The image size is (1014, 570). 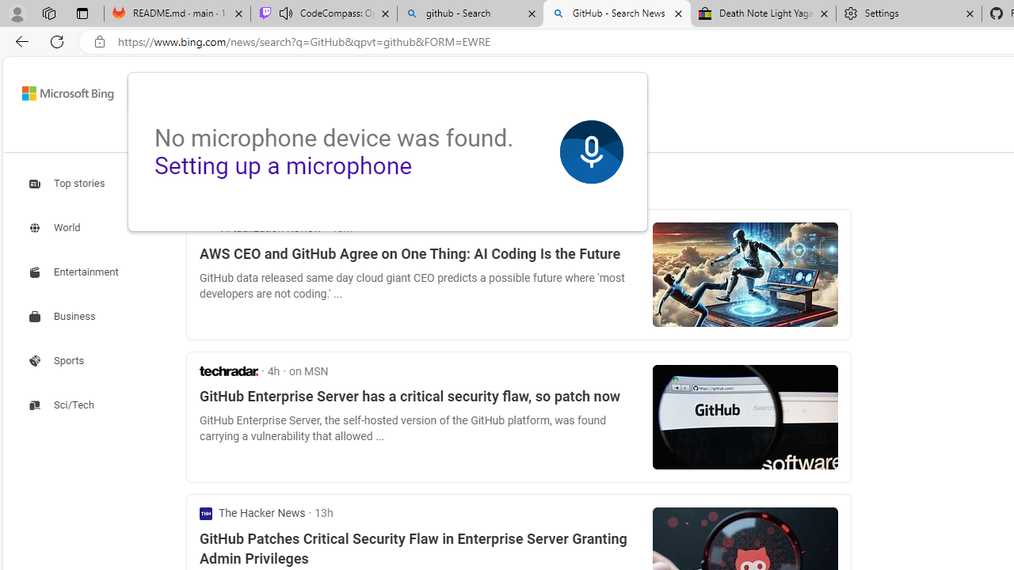 What do you see at coordinates (63, 317) in the screenshot?
I see `'Search news about Business'` at bounding box center [63, 317].